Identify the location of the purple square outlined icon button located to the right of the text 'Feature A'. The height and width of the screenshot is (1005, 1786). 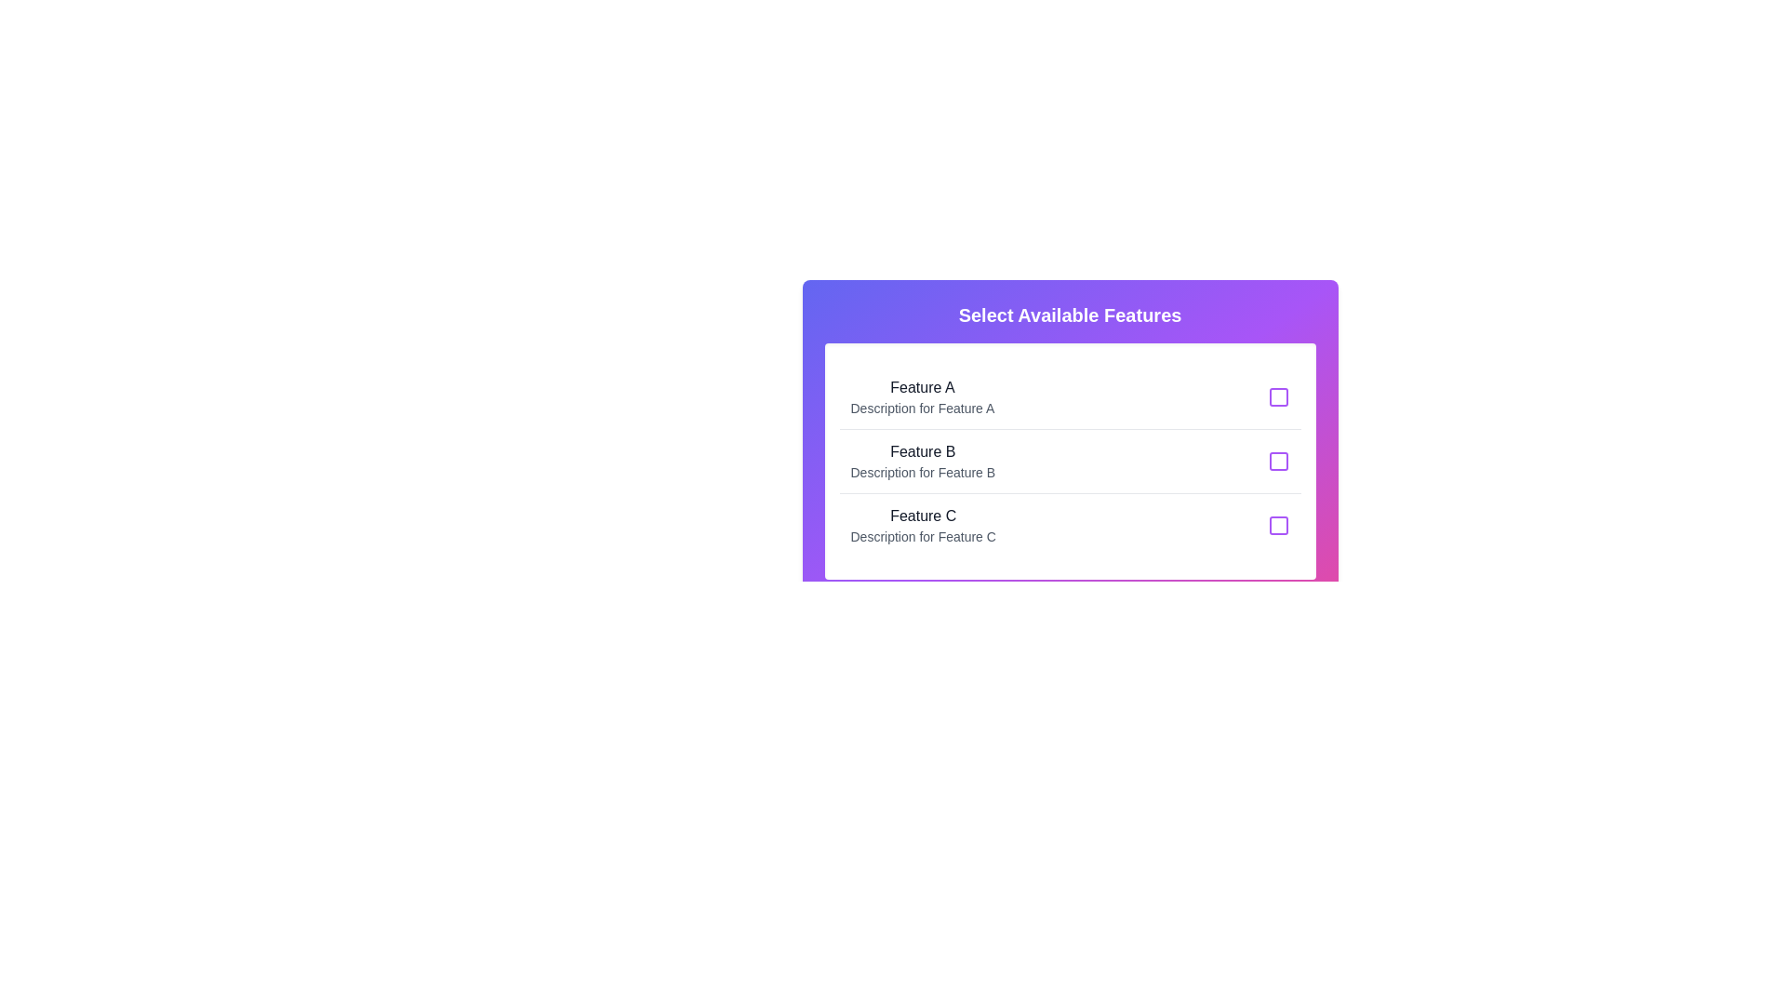
(1277, 396).